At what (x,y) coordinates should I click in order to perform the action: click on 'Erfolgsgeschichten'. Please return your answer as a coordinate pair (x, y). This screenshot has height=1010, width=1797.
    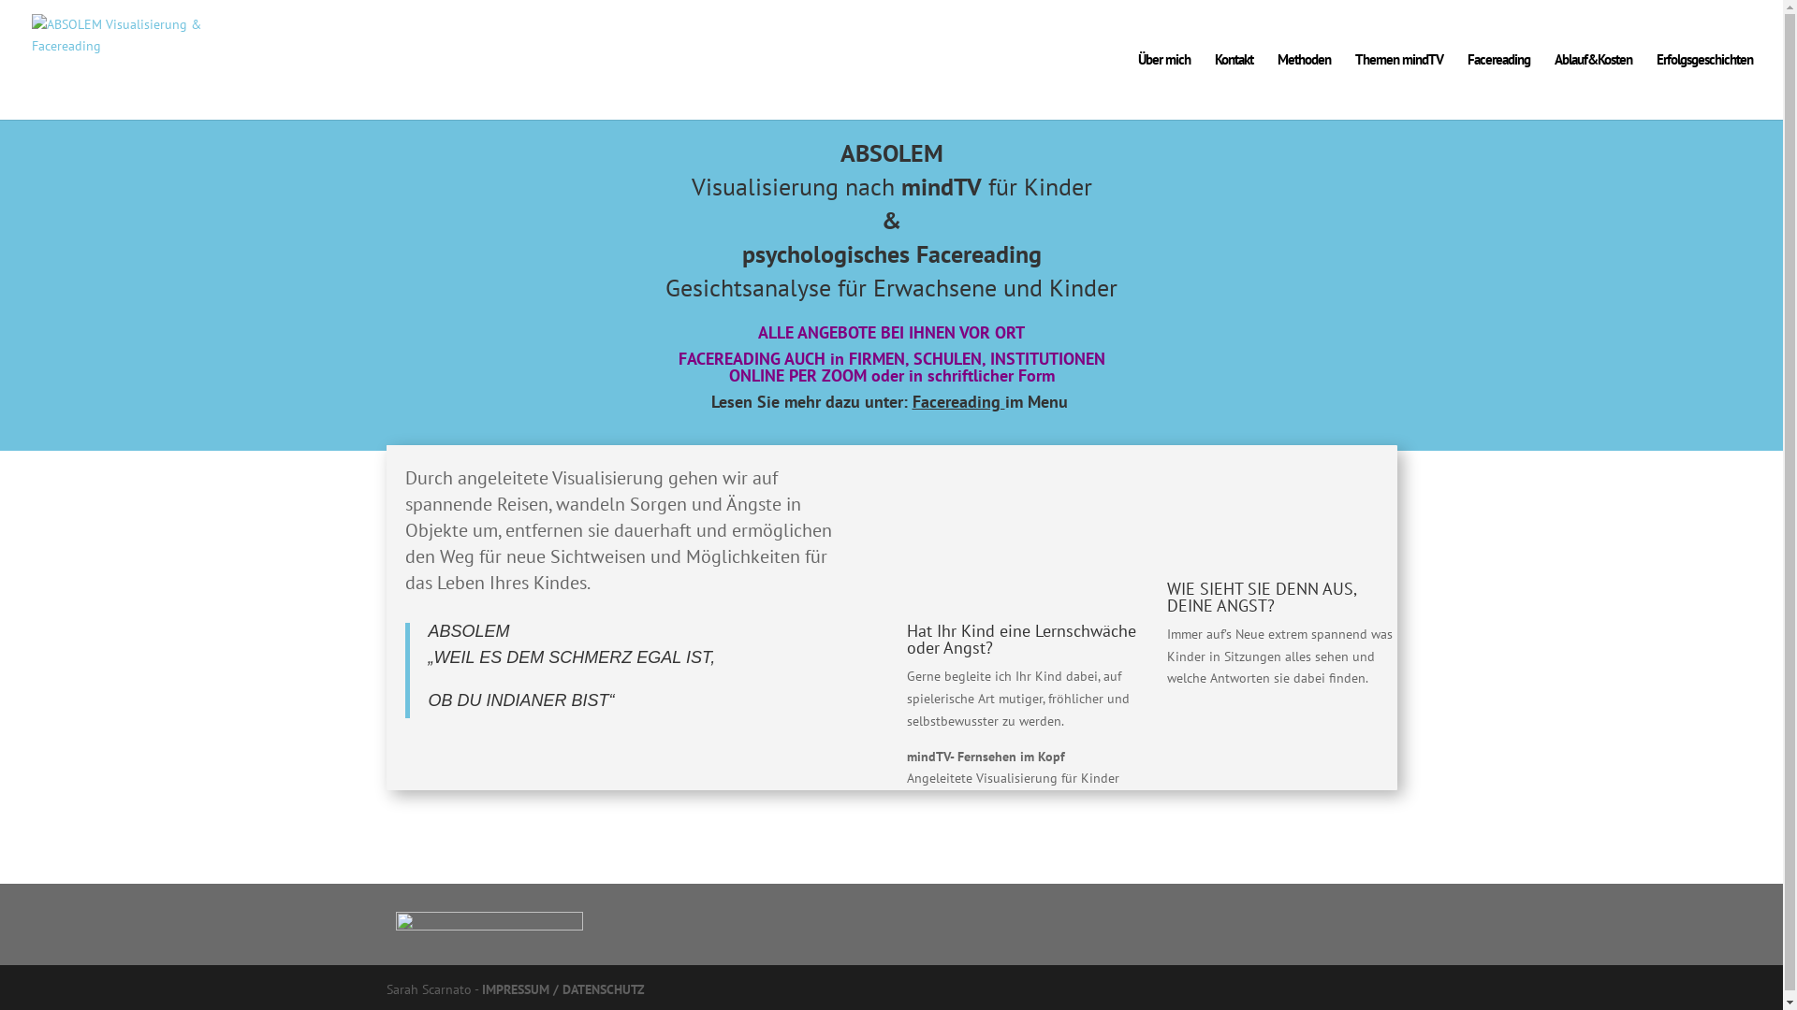
    Looking at the image, I should click on (1657, 86).